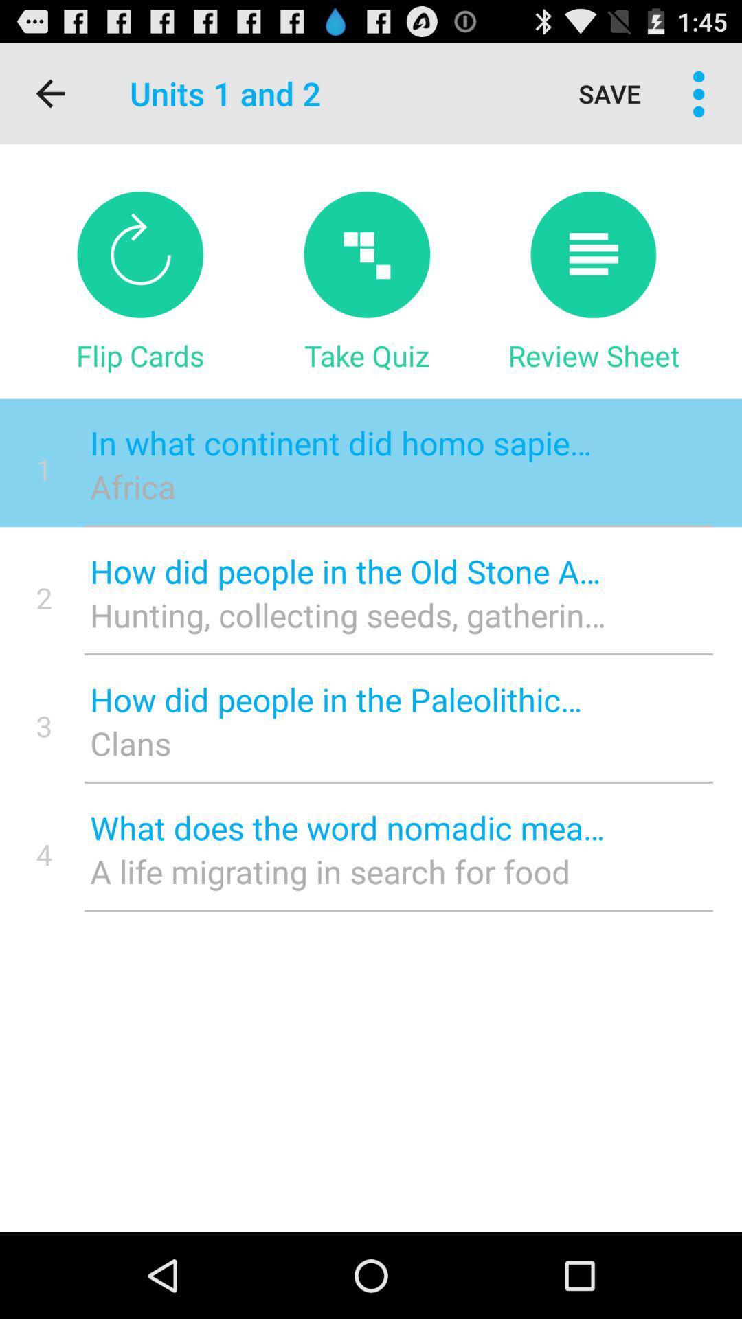 The image size is (742, 1319). What do you see at coordinates (43, 853) in the screenshot?
I see `icon below 3 icon` at bounding box center [43, 853].